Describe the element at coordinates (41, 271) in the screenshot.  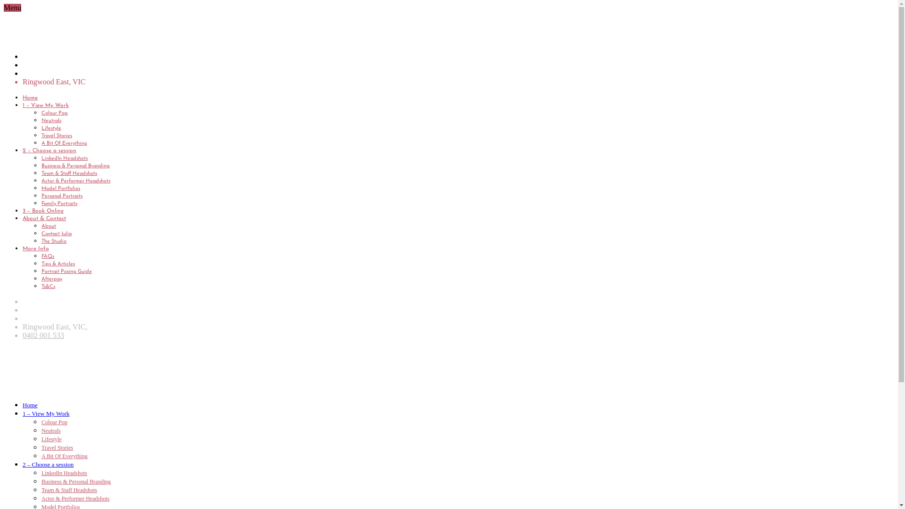
I see `'Portrait Posing Guide'` at that location.